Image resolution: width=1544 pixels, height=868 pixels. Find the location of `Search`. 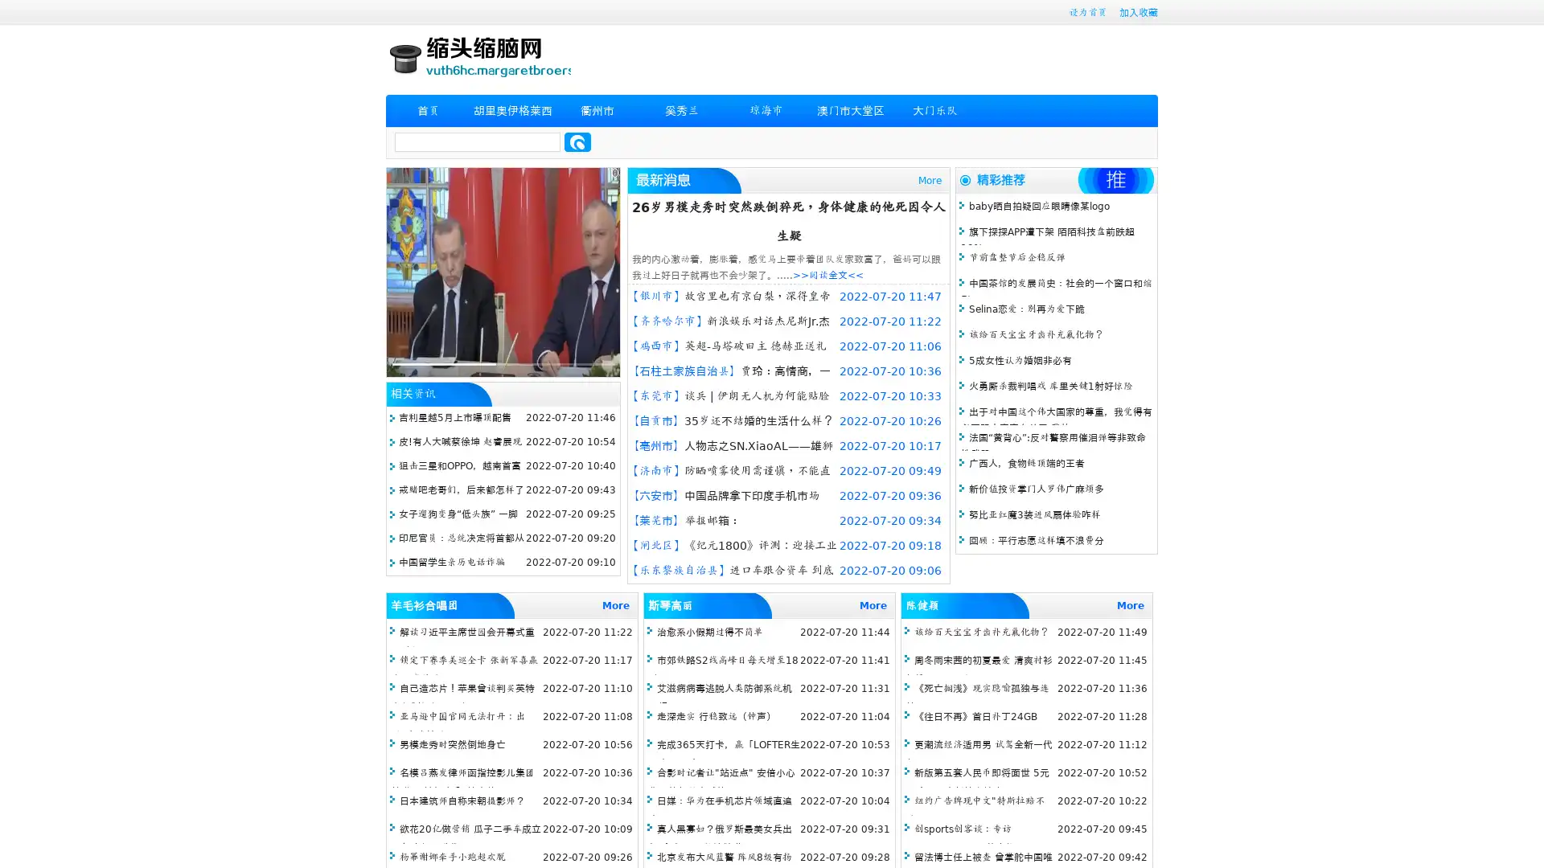

Search is located at coordinates (577, 141).